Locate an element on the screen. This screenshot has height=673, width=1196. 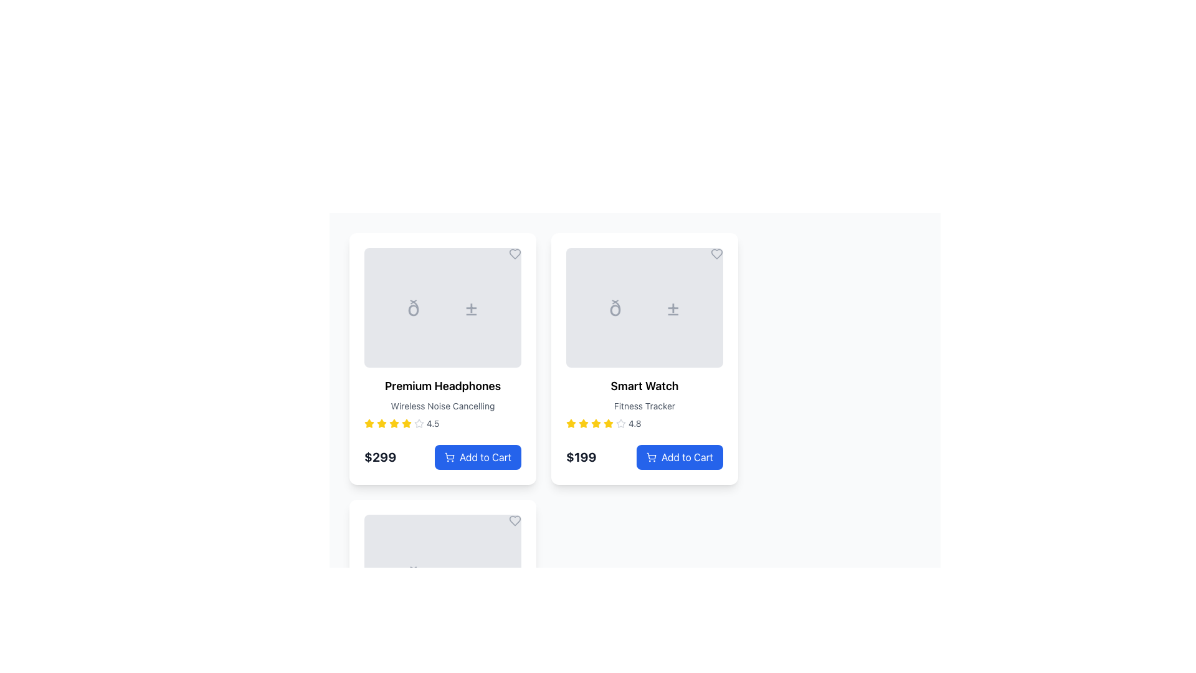
the third star icon is located at coordinates (609, 422).